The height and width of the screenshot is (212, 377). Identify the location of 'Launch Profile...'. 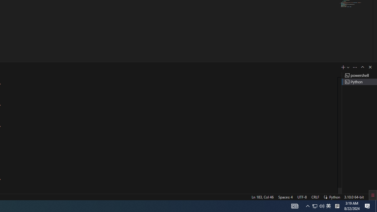
(348, 67).